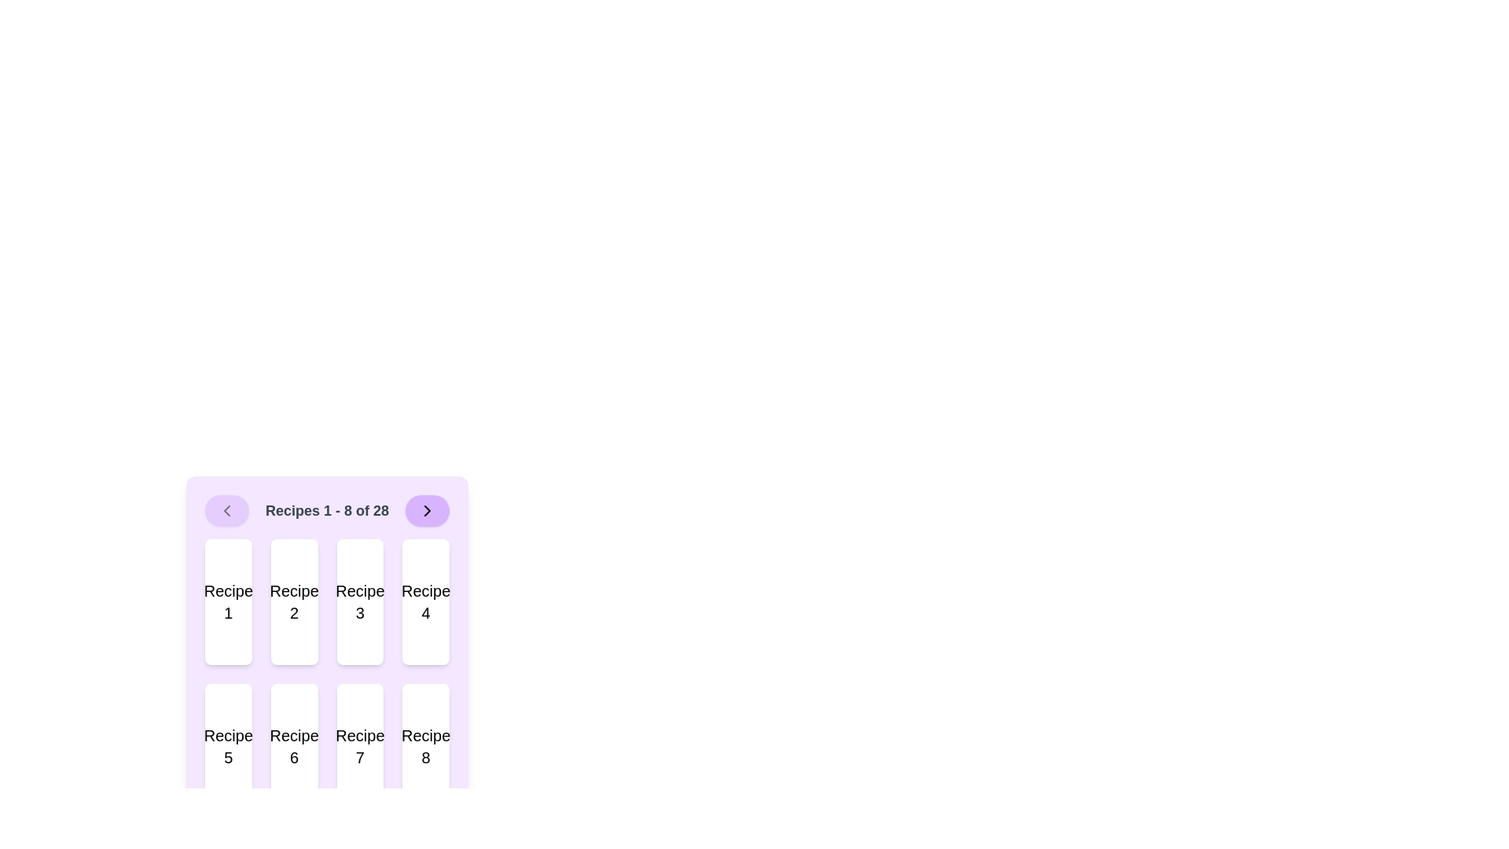 The height and width of the screenshot is (849, 1509). What do you see at coordinates (326, 606) in the screenshot?
I see `the individual recipe card in the List grid` at bounding box center [326, 606].